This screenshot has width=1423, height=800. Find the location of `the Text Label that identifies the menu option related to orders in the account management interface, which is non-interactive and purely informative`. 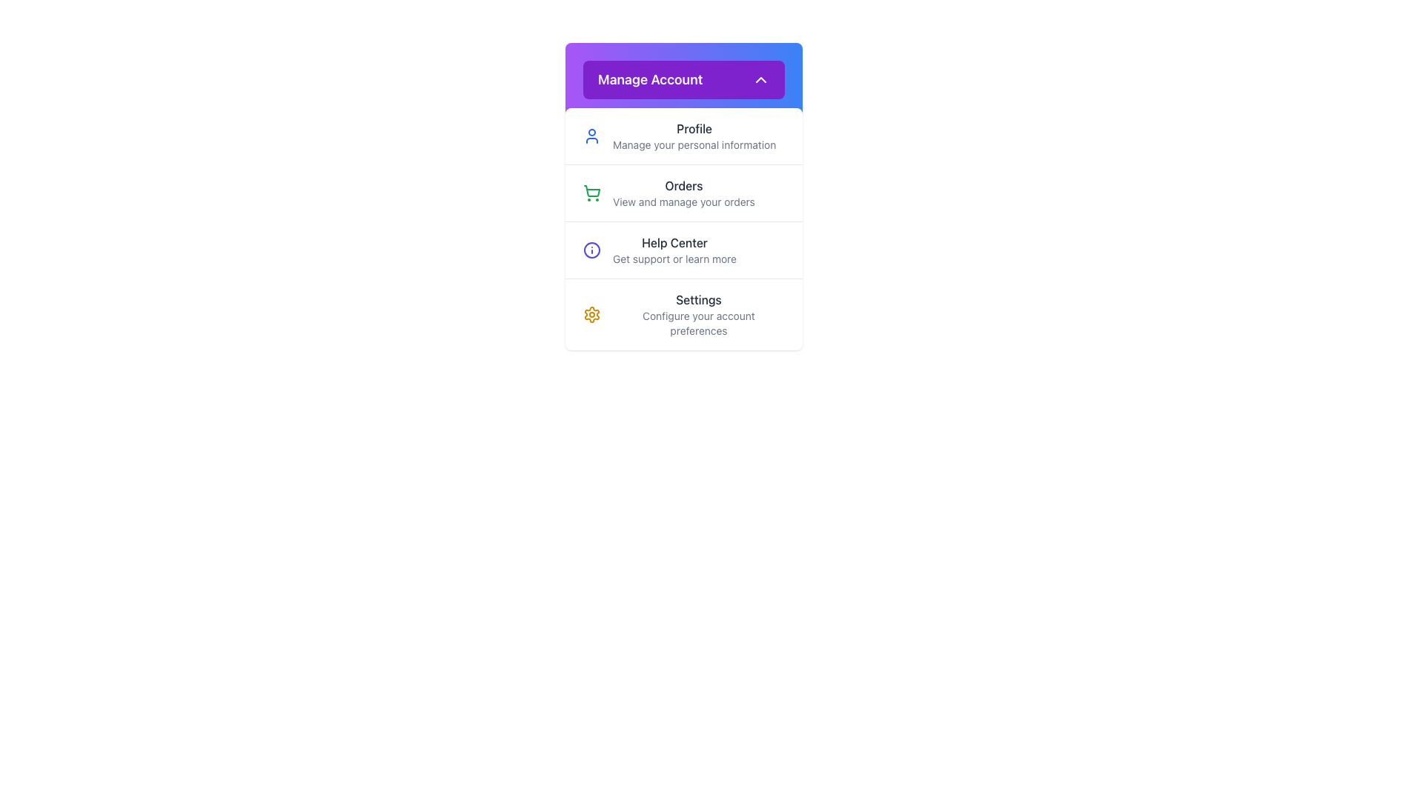

the Text Label that identifies the menu option related to orders in the account management interface, which is non-interactive and purely informative is located at coordinates (683, 184).